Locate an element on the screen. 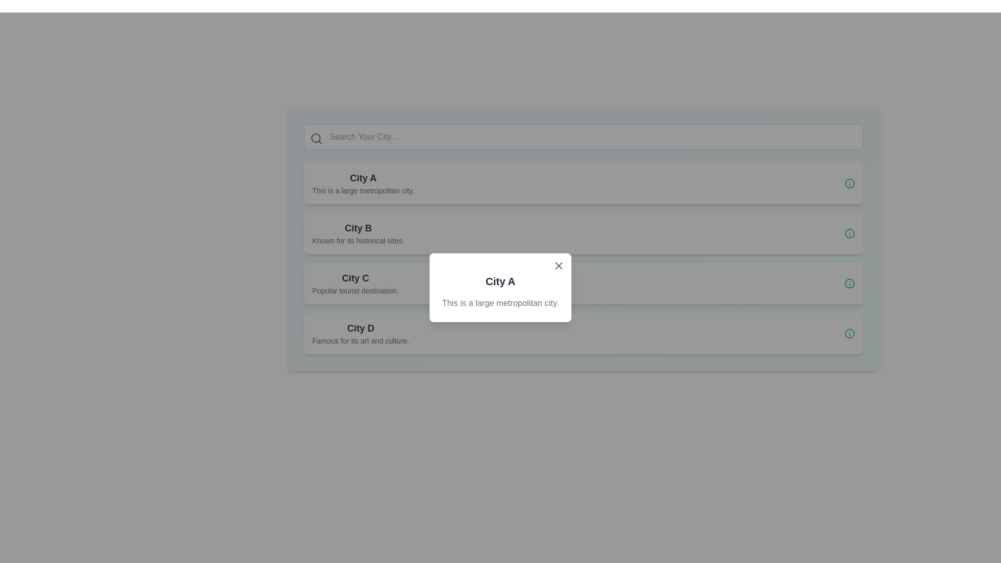 This screenshot has width=1001, height=563. the status or information indicator icon located in the fourth row of the list view on the right side, which is aligned with other similar green icons is located at coordinates (850, 232).